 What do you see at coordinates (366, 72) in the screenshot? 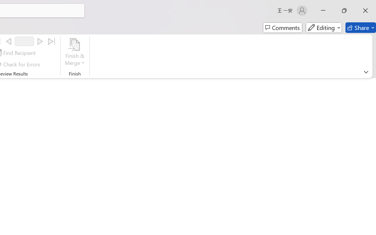
I see `'Ribbon Display Options'` at bounding box center [366, 72].